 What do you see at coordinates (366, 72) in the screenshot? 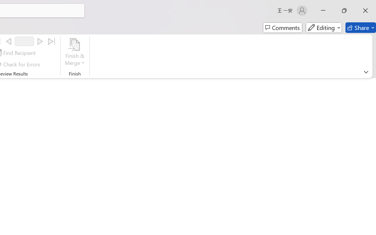
I see `'Ribbon Display Options'` at bounding box center [366, 72].